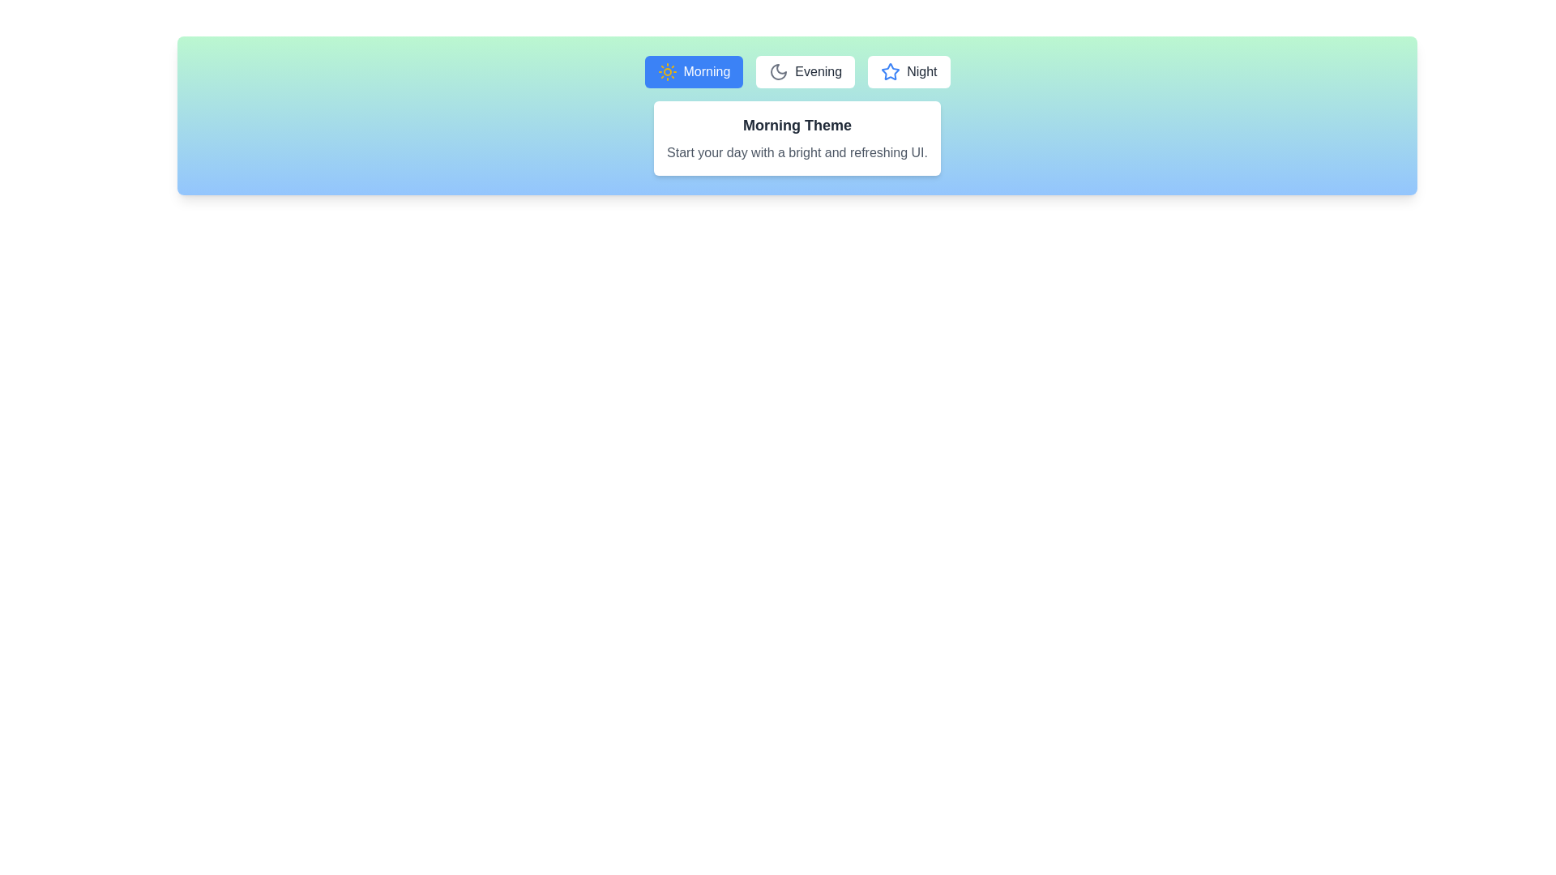  I want to click on the Evening tab to activate it, so click(806, 70).